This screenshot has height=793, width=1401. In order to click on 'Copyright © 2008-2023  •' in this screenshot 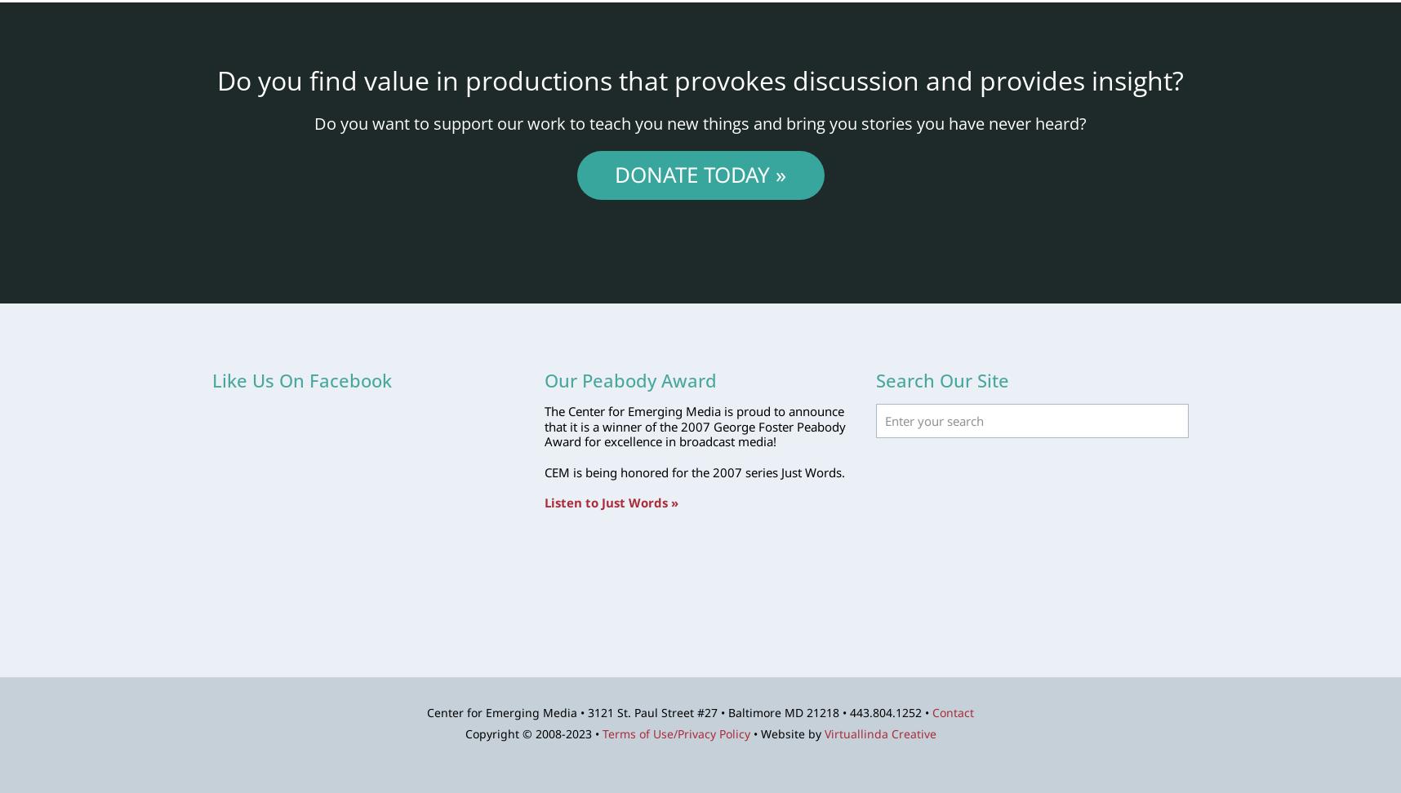, I will do `click(465, 733)`.